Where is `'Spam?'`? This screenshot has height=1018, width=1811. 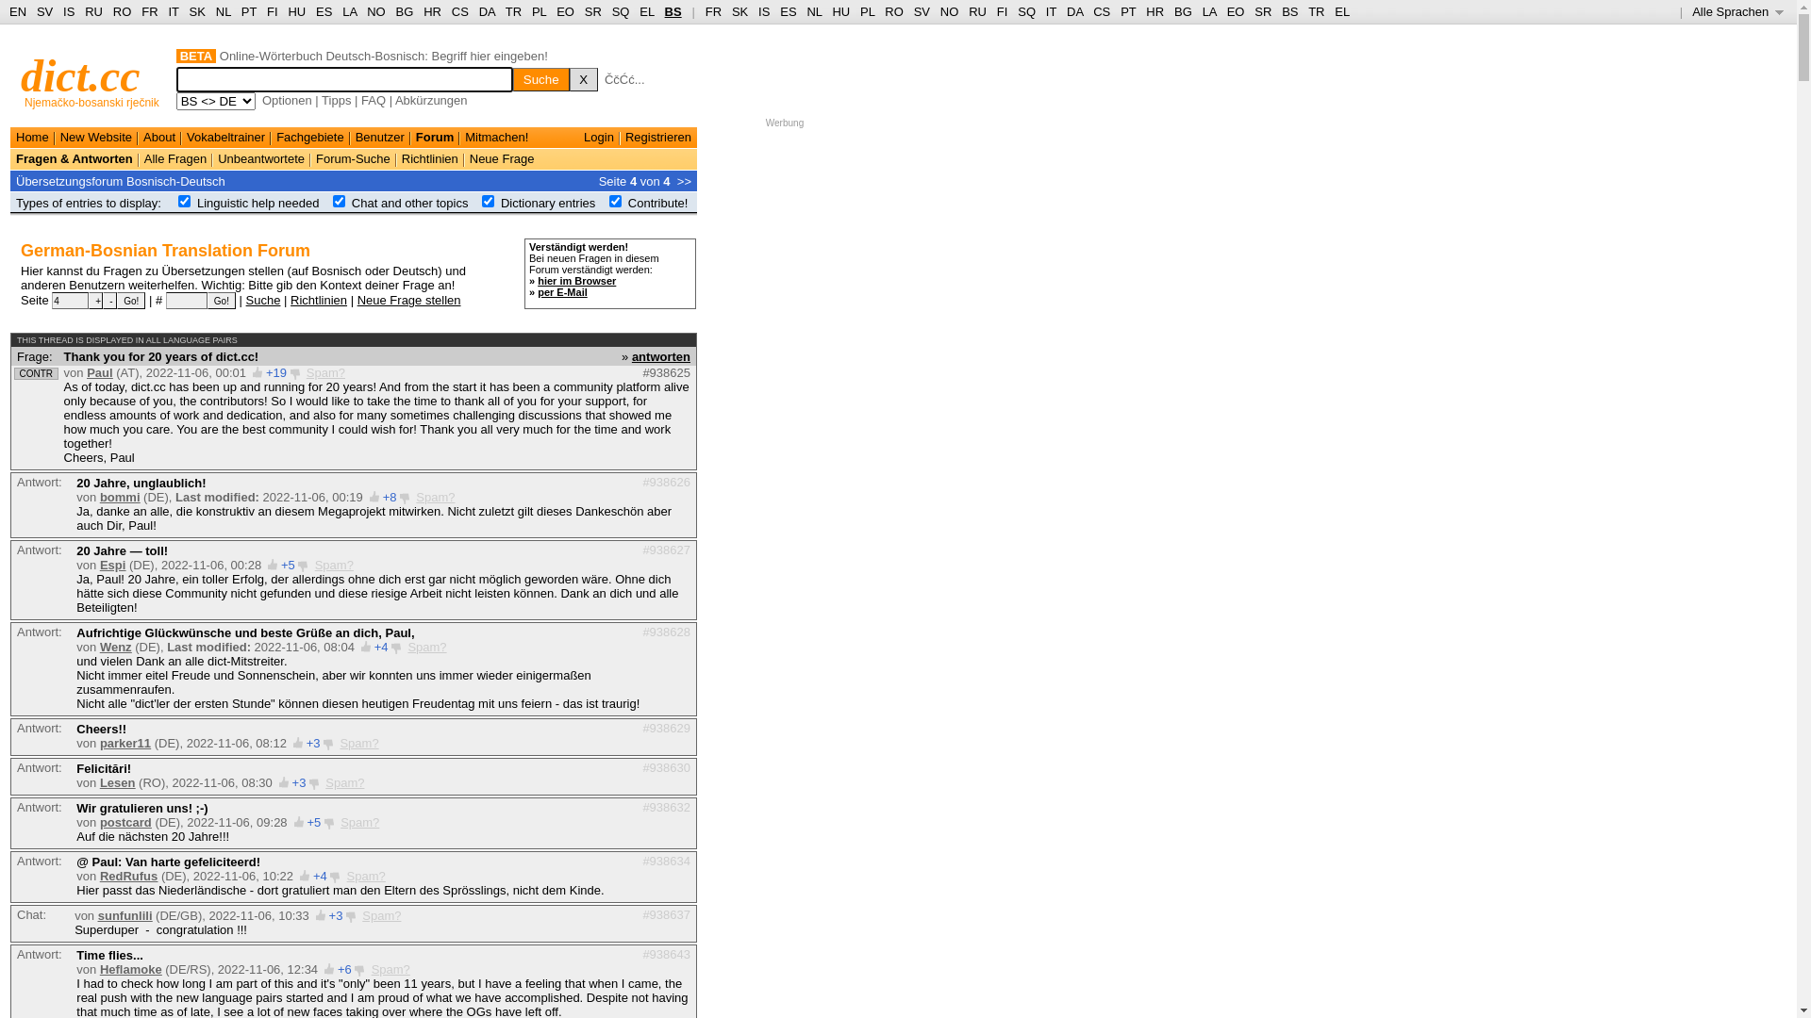
'Spam?' is located at coordinates (325, 372).